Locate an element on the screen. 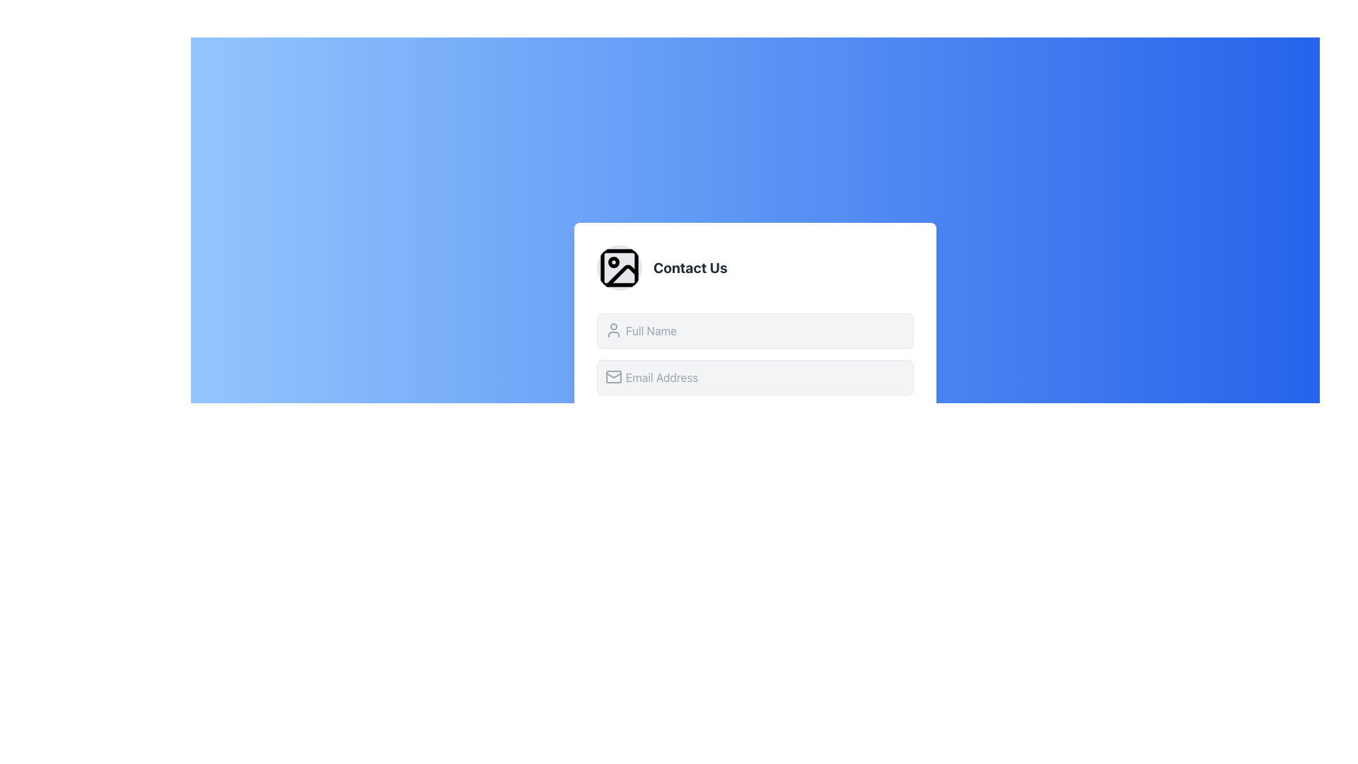  the gray user profile picture icon, which has a circular head and rounded shoulders, located to the left of the 'Full Name' input box is located at coordinates (614, 330).